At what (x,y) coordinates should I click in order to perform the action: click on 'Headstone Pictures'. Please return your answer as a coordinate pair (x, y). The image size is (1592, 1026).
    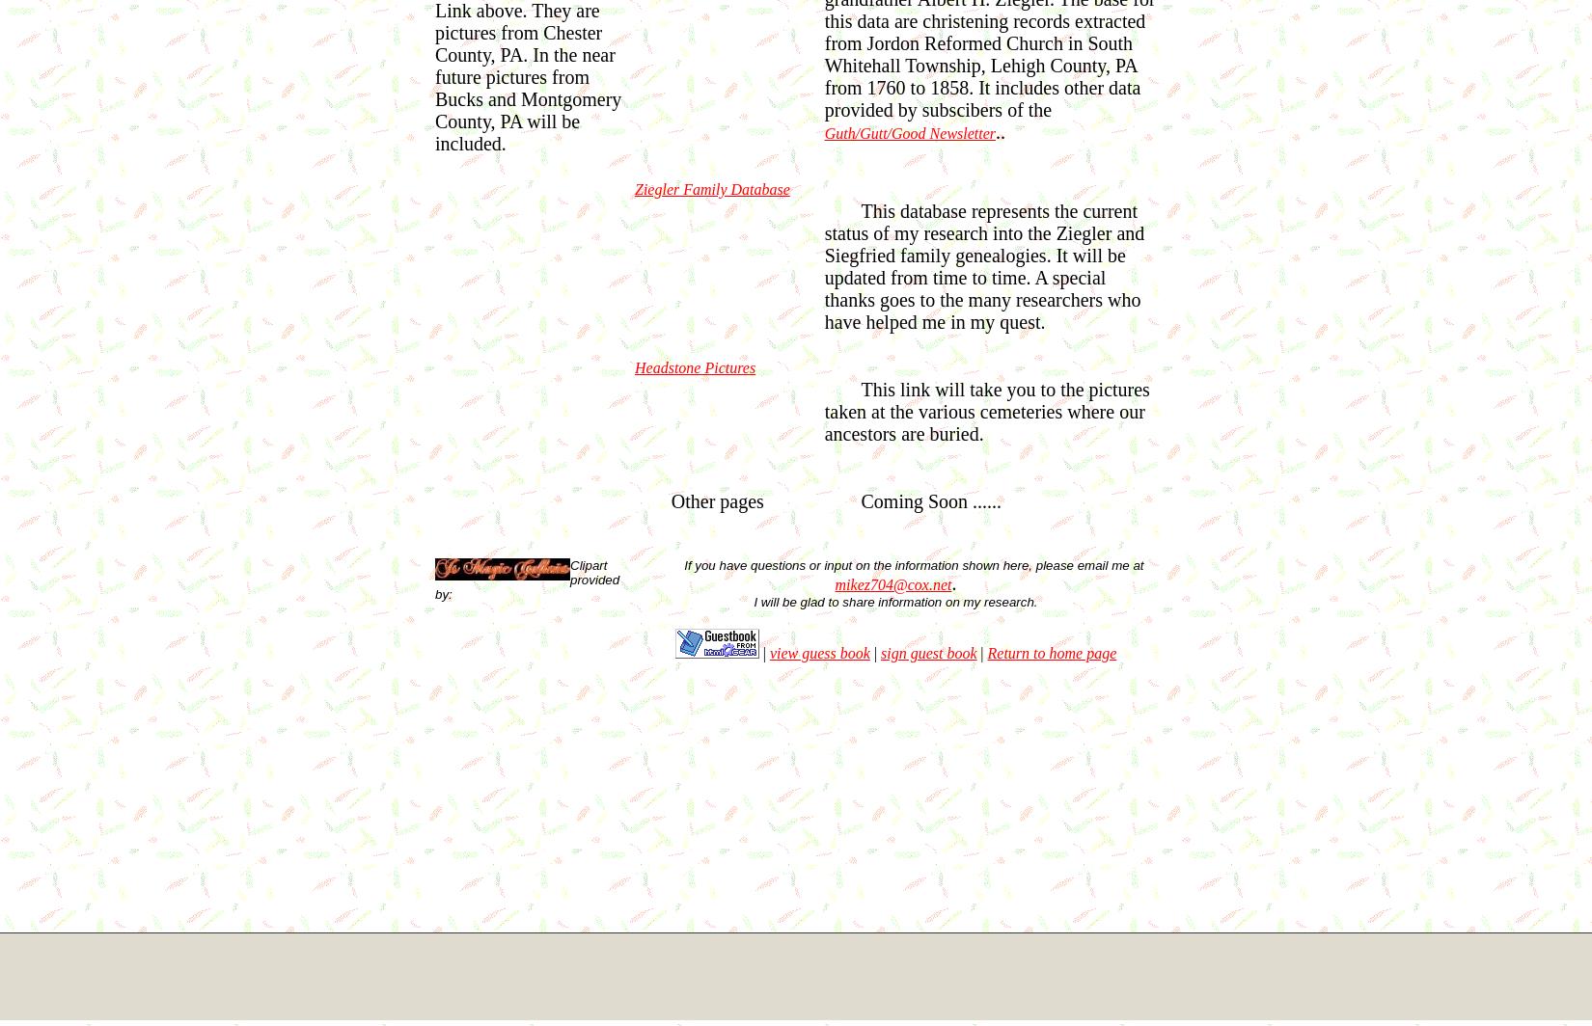
    Looking at the image, I should click on (634, 366).